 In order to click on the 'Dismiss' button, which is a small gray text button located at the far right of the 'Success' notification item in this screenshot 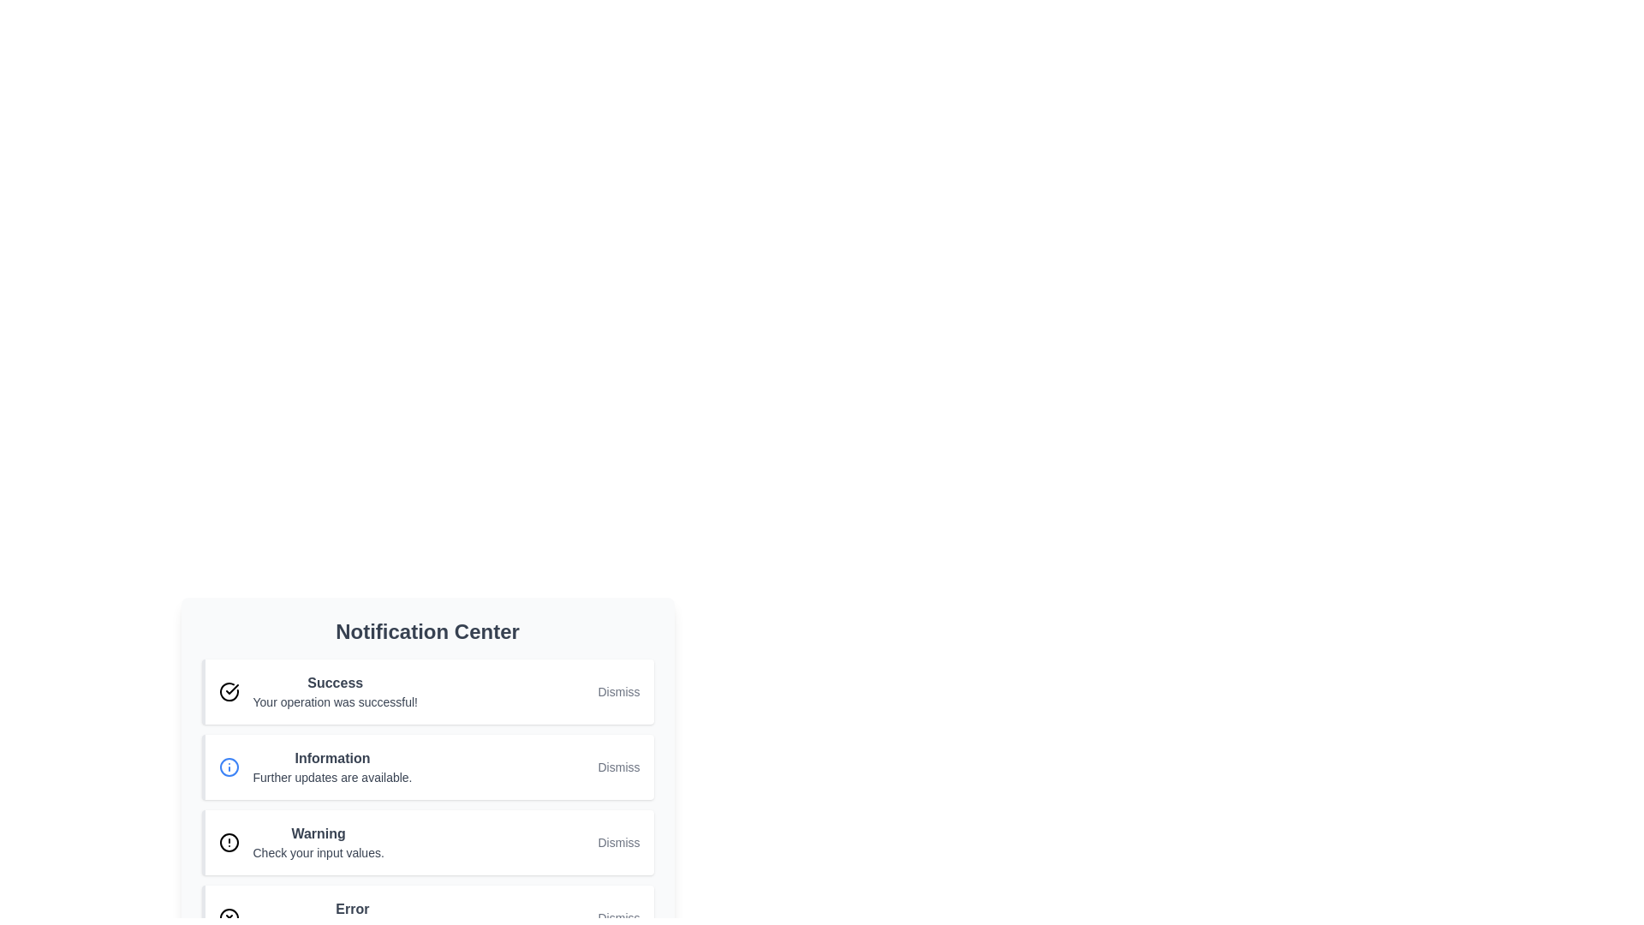, I will do `click(618, 690)`.